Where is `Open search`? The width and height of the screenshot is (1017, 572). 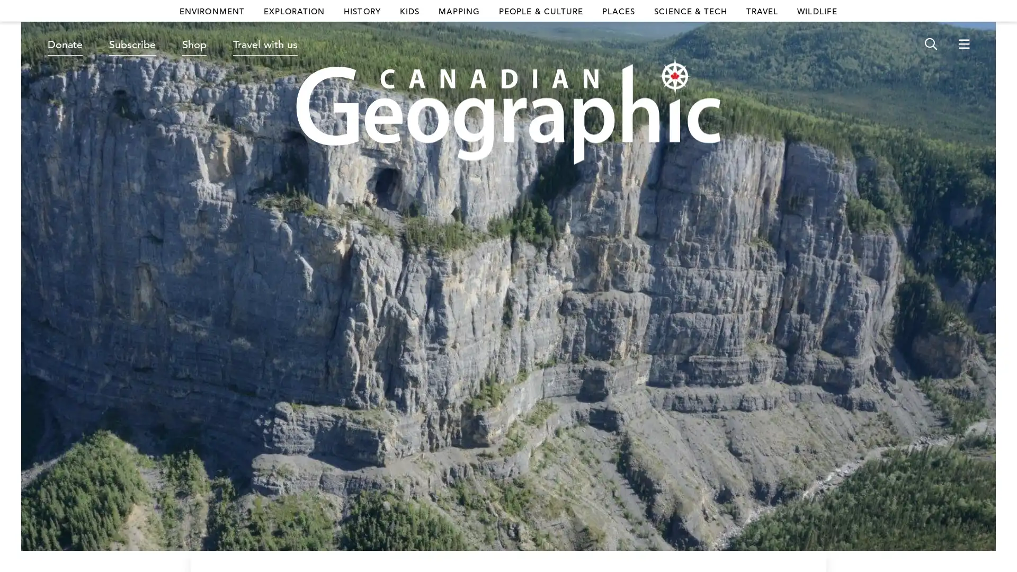
Open search is located at coordinates (930, 44).